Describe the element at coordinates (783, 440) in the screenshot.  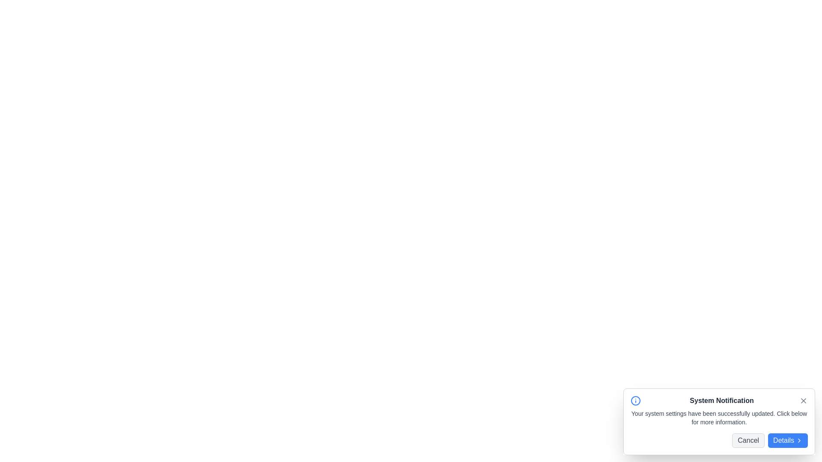
I see `the 'Details' text label within the button located in the lower-right corner of the notification dialog box, which has a white font on a blue background and is part of a button-like structure` at that location.